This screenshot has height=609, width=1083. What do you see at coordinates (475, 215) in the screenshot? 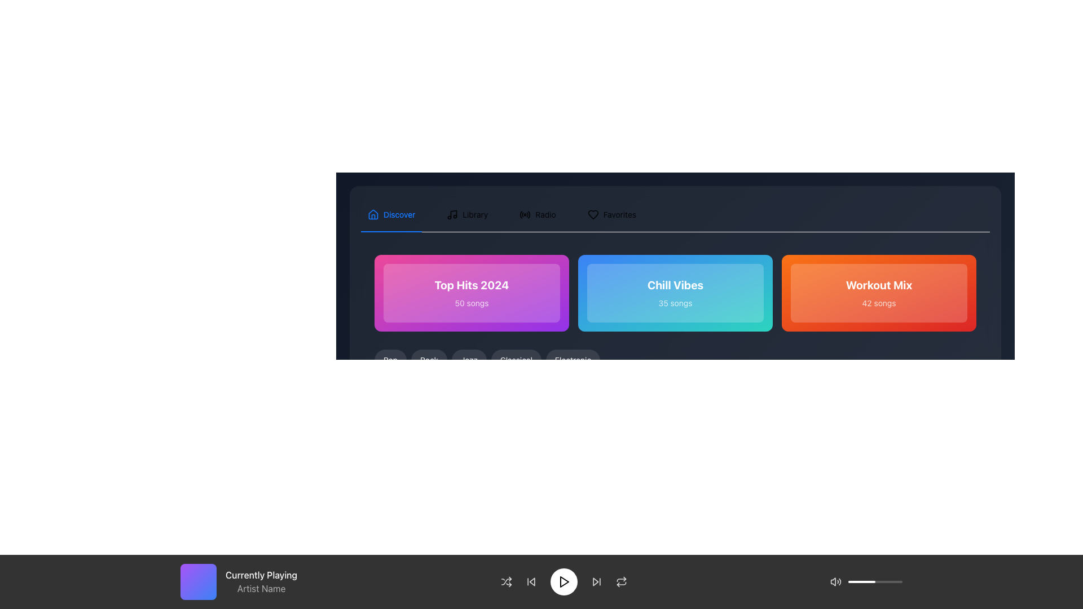
I see `the 'Library' text label in the navigation bar` at bounding box center [475, 215].